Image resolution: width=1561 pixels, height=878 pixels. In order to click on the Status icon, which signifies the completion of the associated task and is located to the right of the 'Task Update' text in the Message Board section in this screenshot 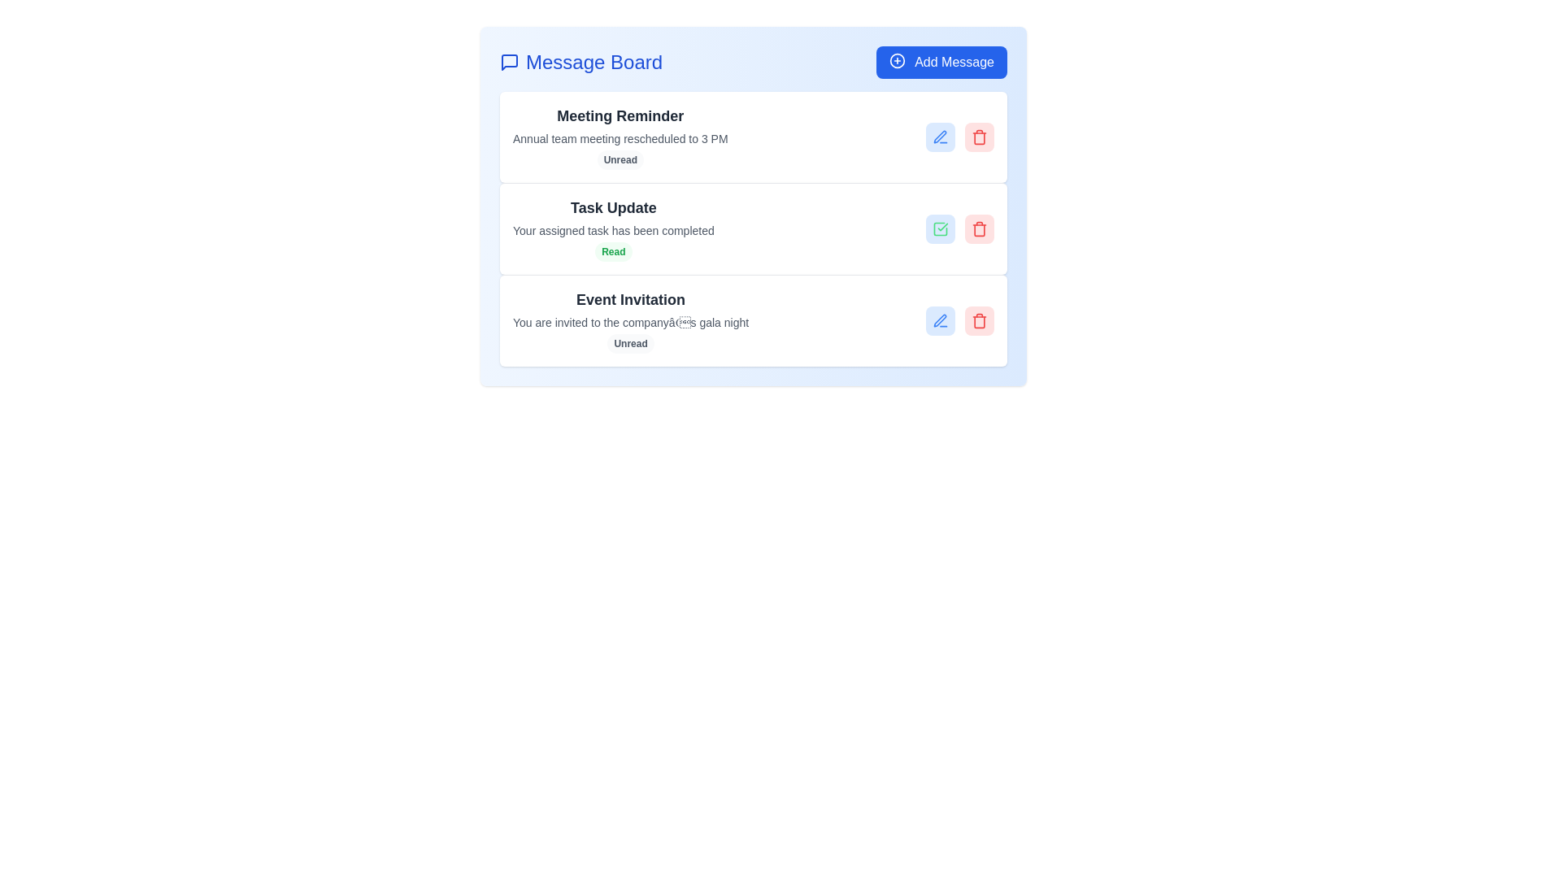, I will do `click(940, 228)`.